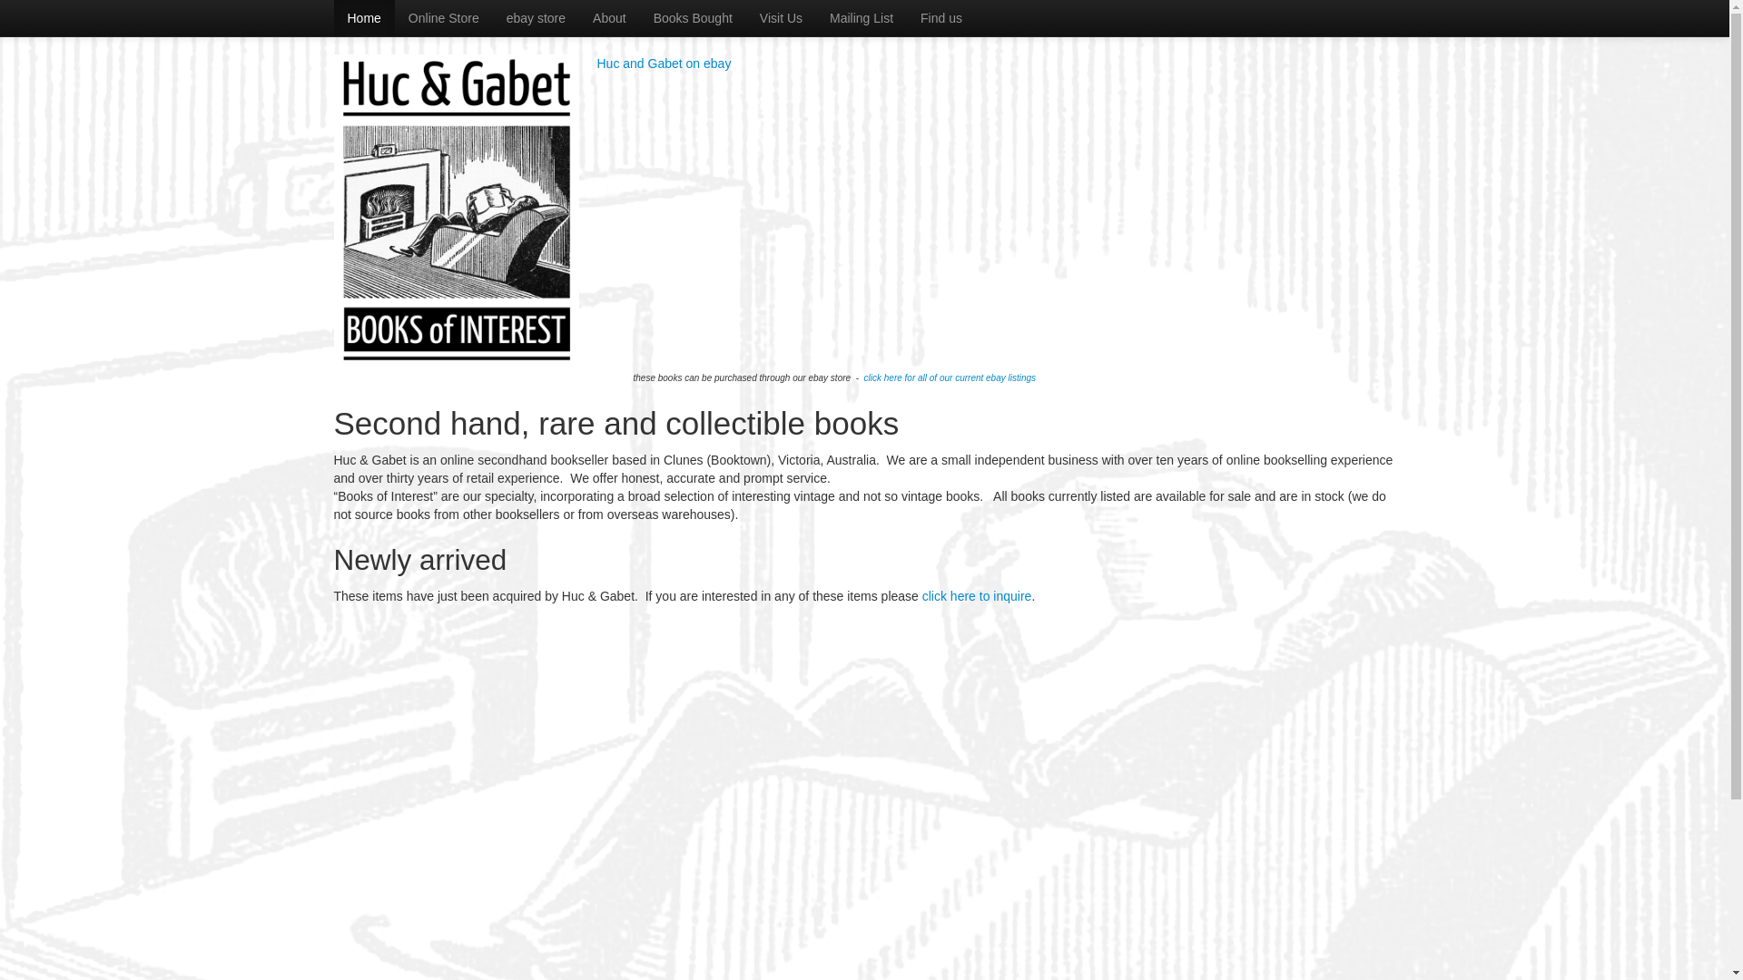 This screenshot has height=980, width=1743. I want to click on 'Home', so click(363, 17).